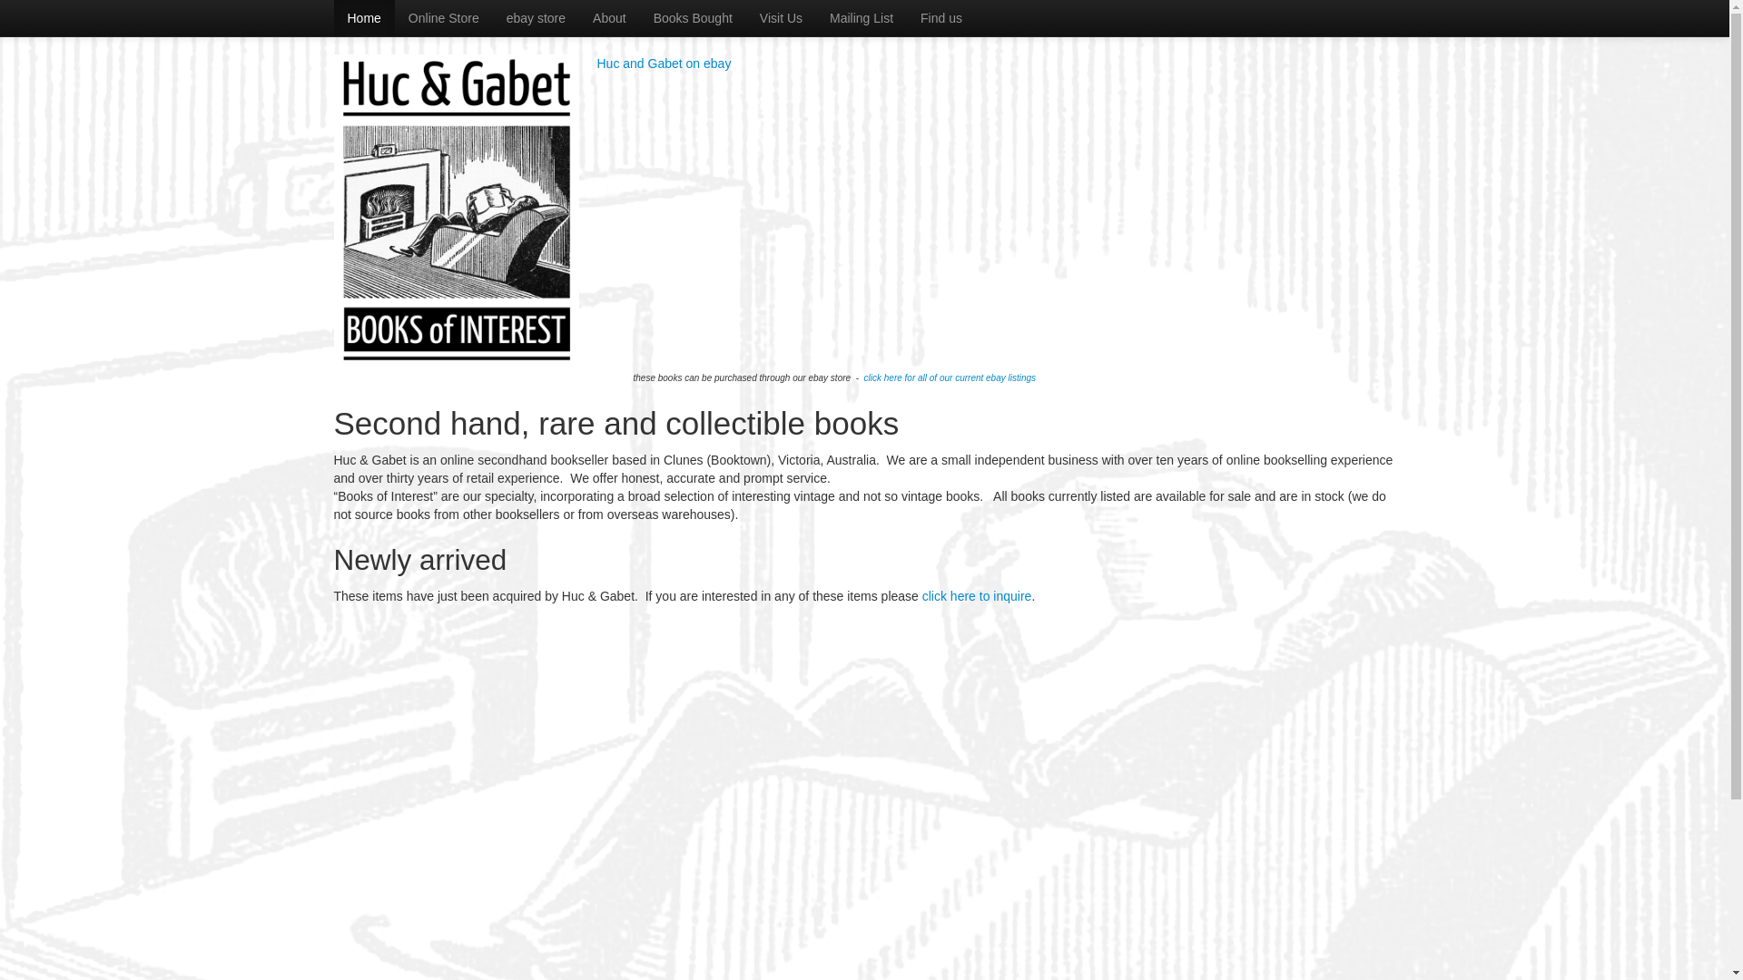 This screenshot has height=980, width=1743. I want to click on 'Home', so click(363, 17).